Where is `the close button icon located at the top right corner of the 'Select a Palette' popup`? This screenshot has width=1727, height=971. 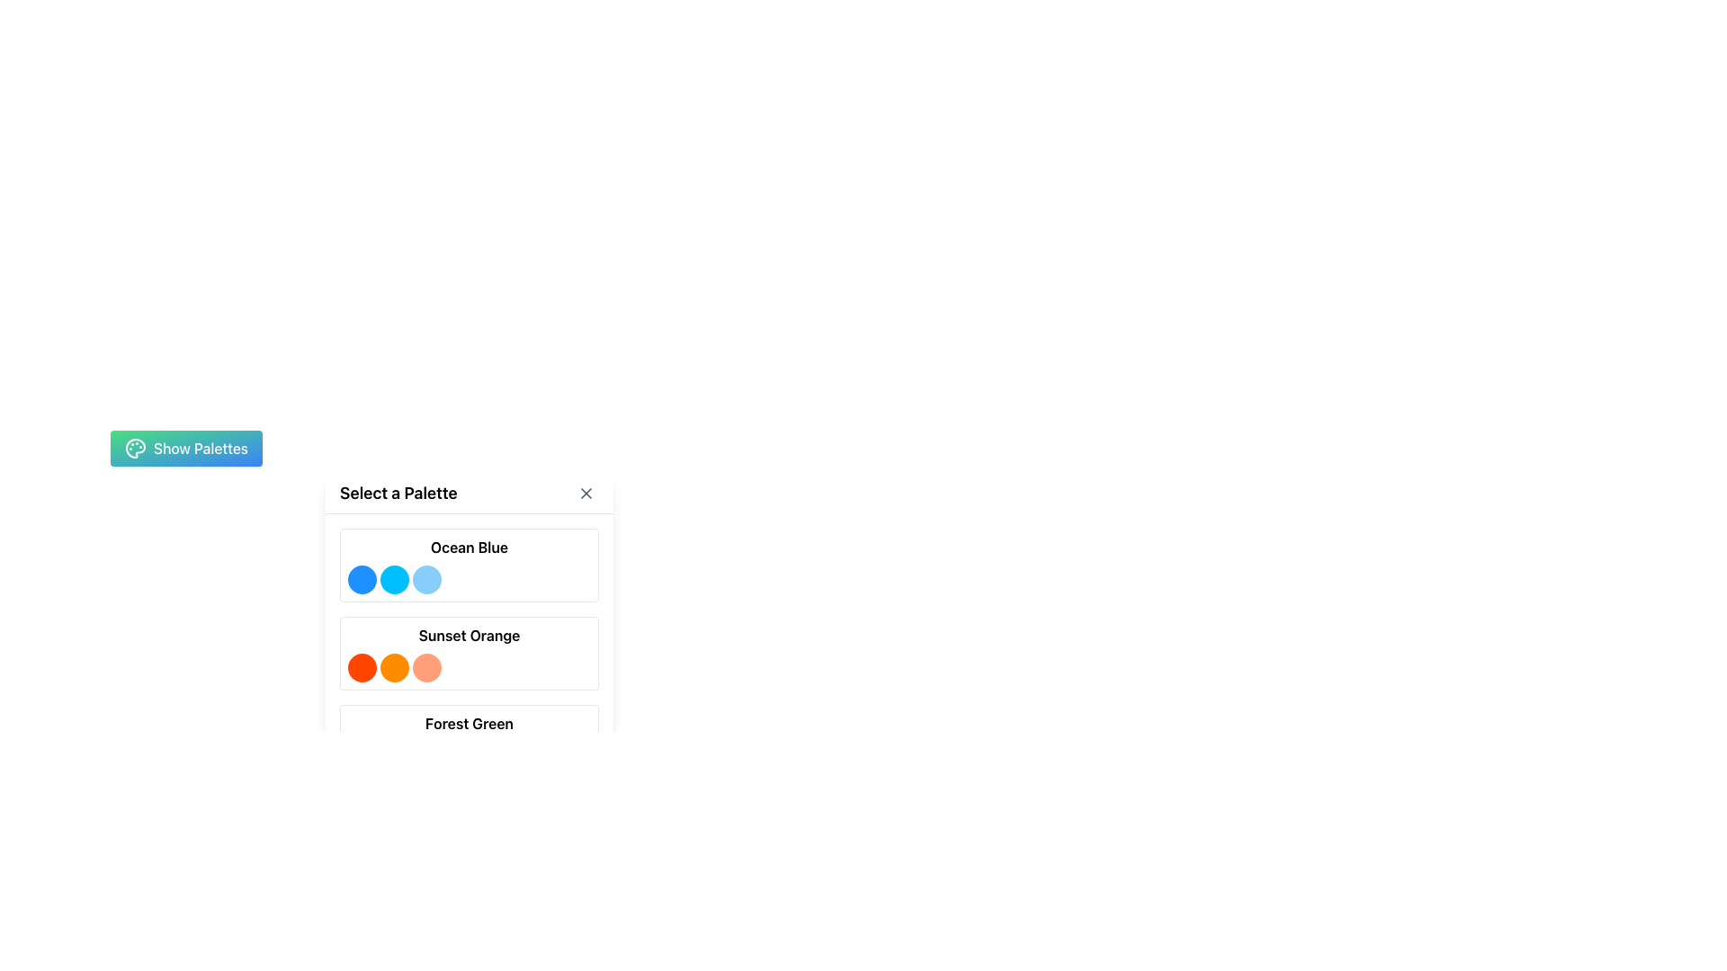 the close button icon located at the top right corner of the 'Select a Palette' popup is located at coordinates (586, 493).